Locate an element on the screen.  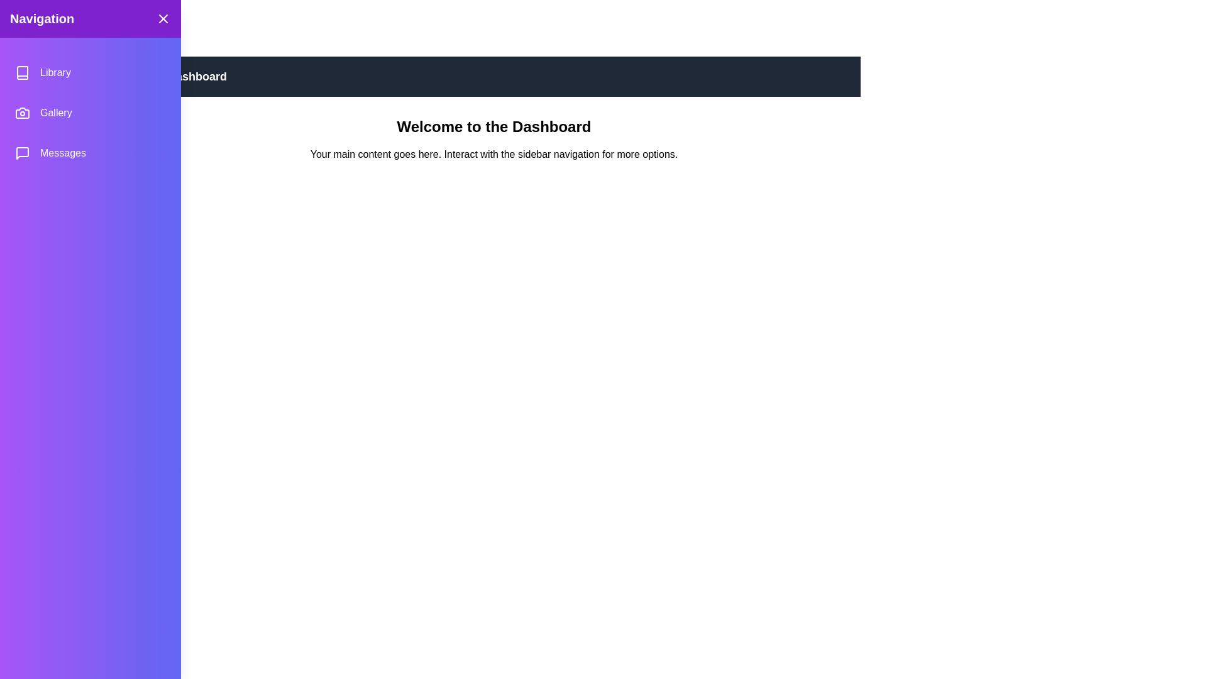
the 'Library' text label in the navigation menu is located at coordinates (55, 72).